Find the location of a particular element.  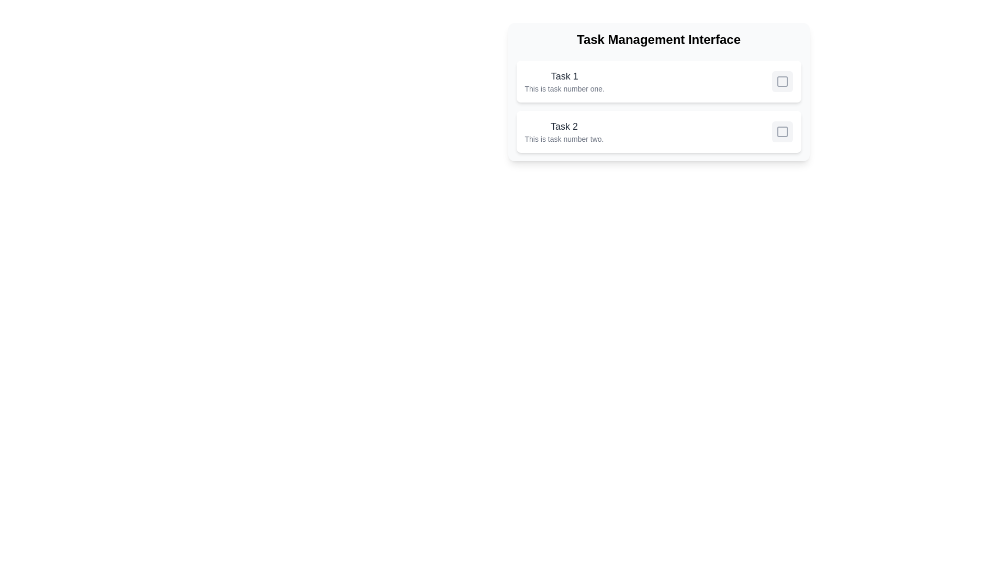

the small square interactive button with a light gray background located at the far right end of the card for 'Task 1' is located at coordinates (782, 81).